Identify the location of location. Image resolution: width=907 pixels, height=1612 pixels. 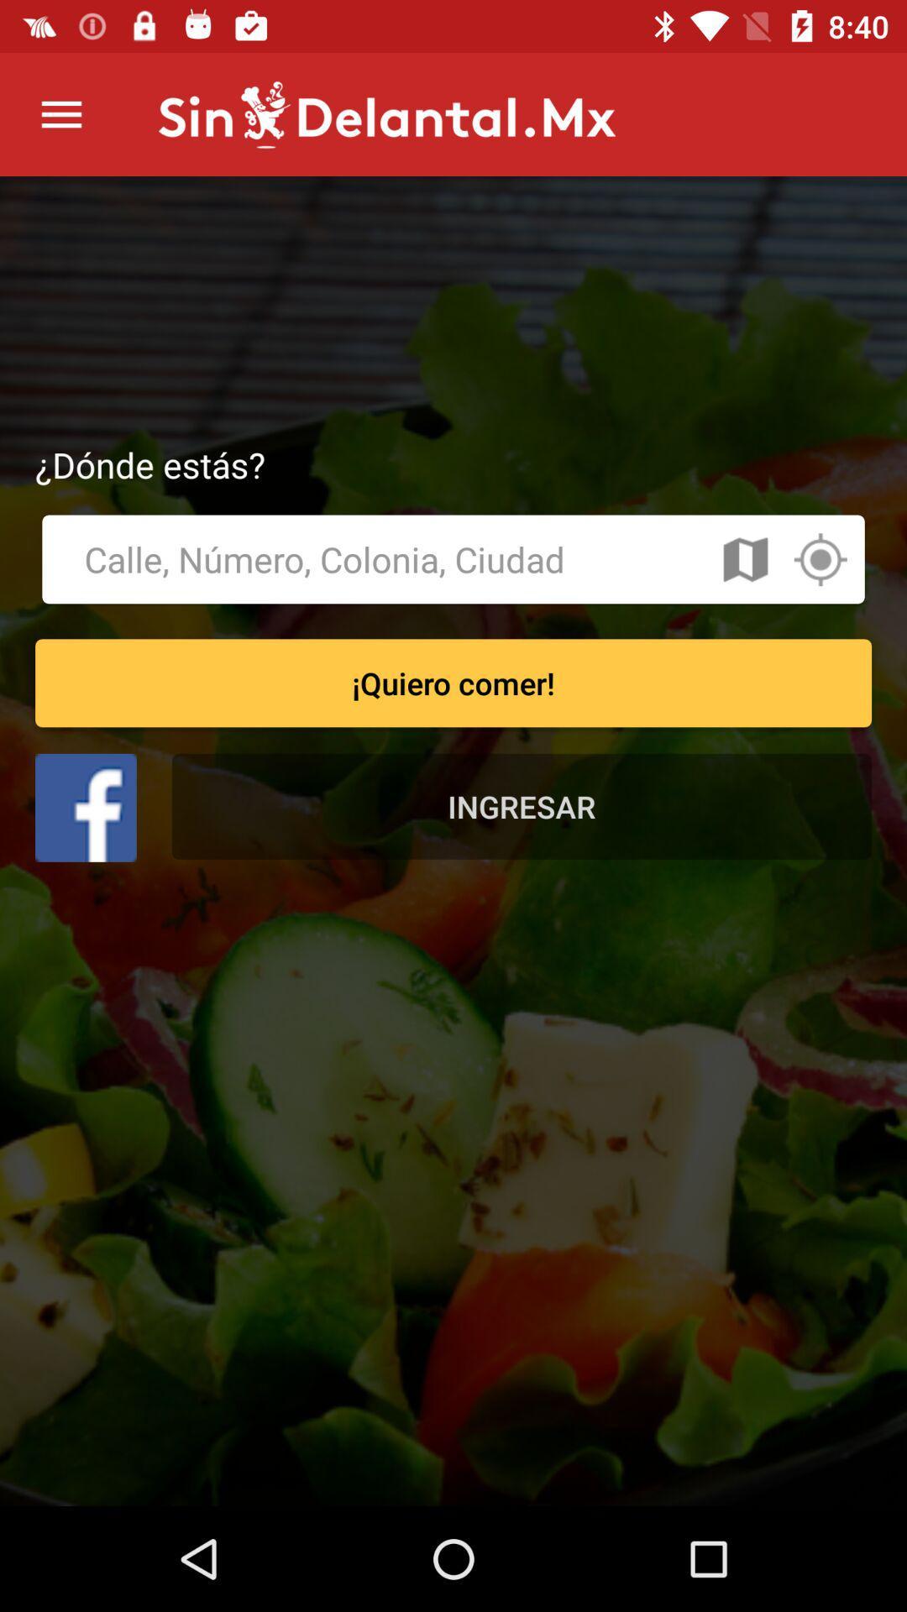
(819, 559).